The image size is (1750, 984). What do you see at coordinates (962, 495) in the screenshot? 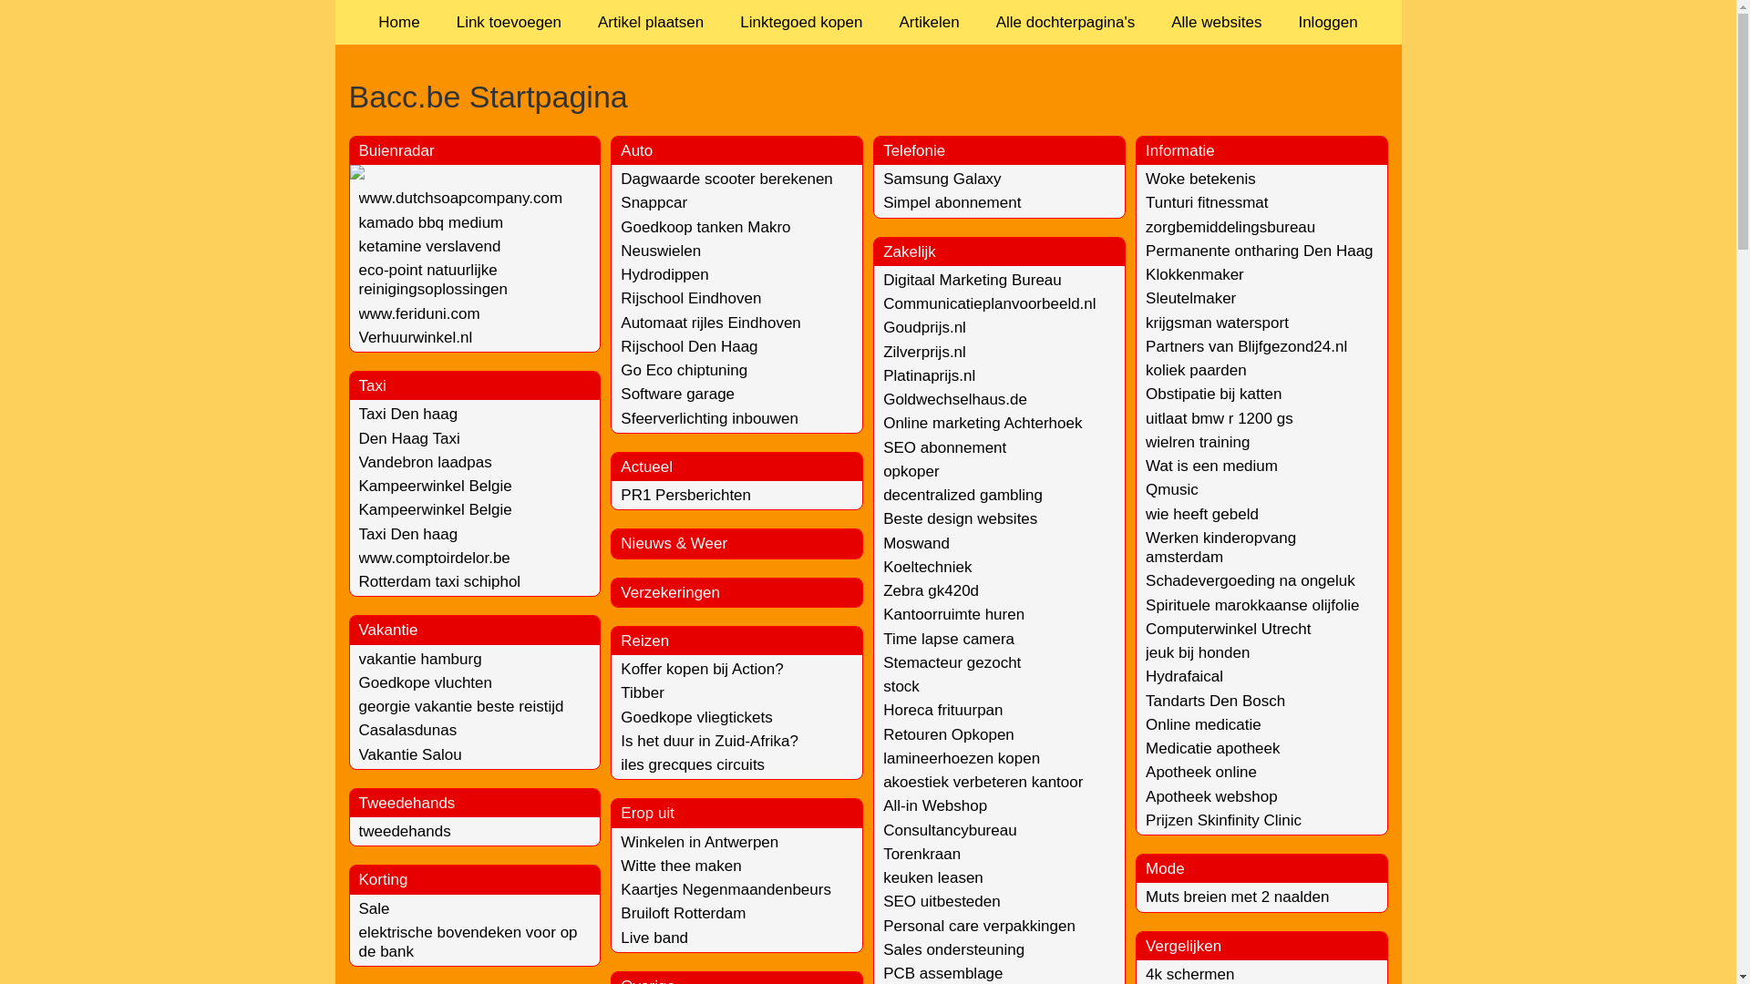
I see `'decentralized gambling'` at bounding box center [962, 495].